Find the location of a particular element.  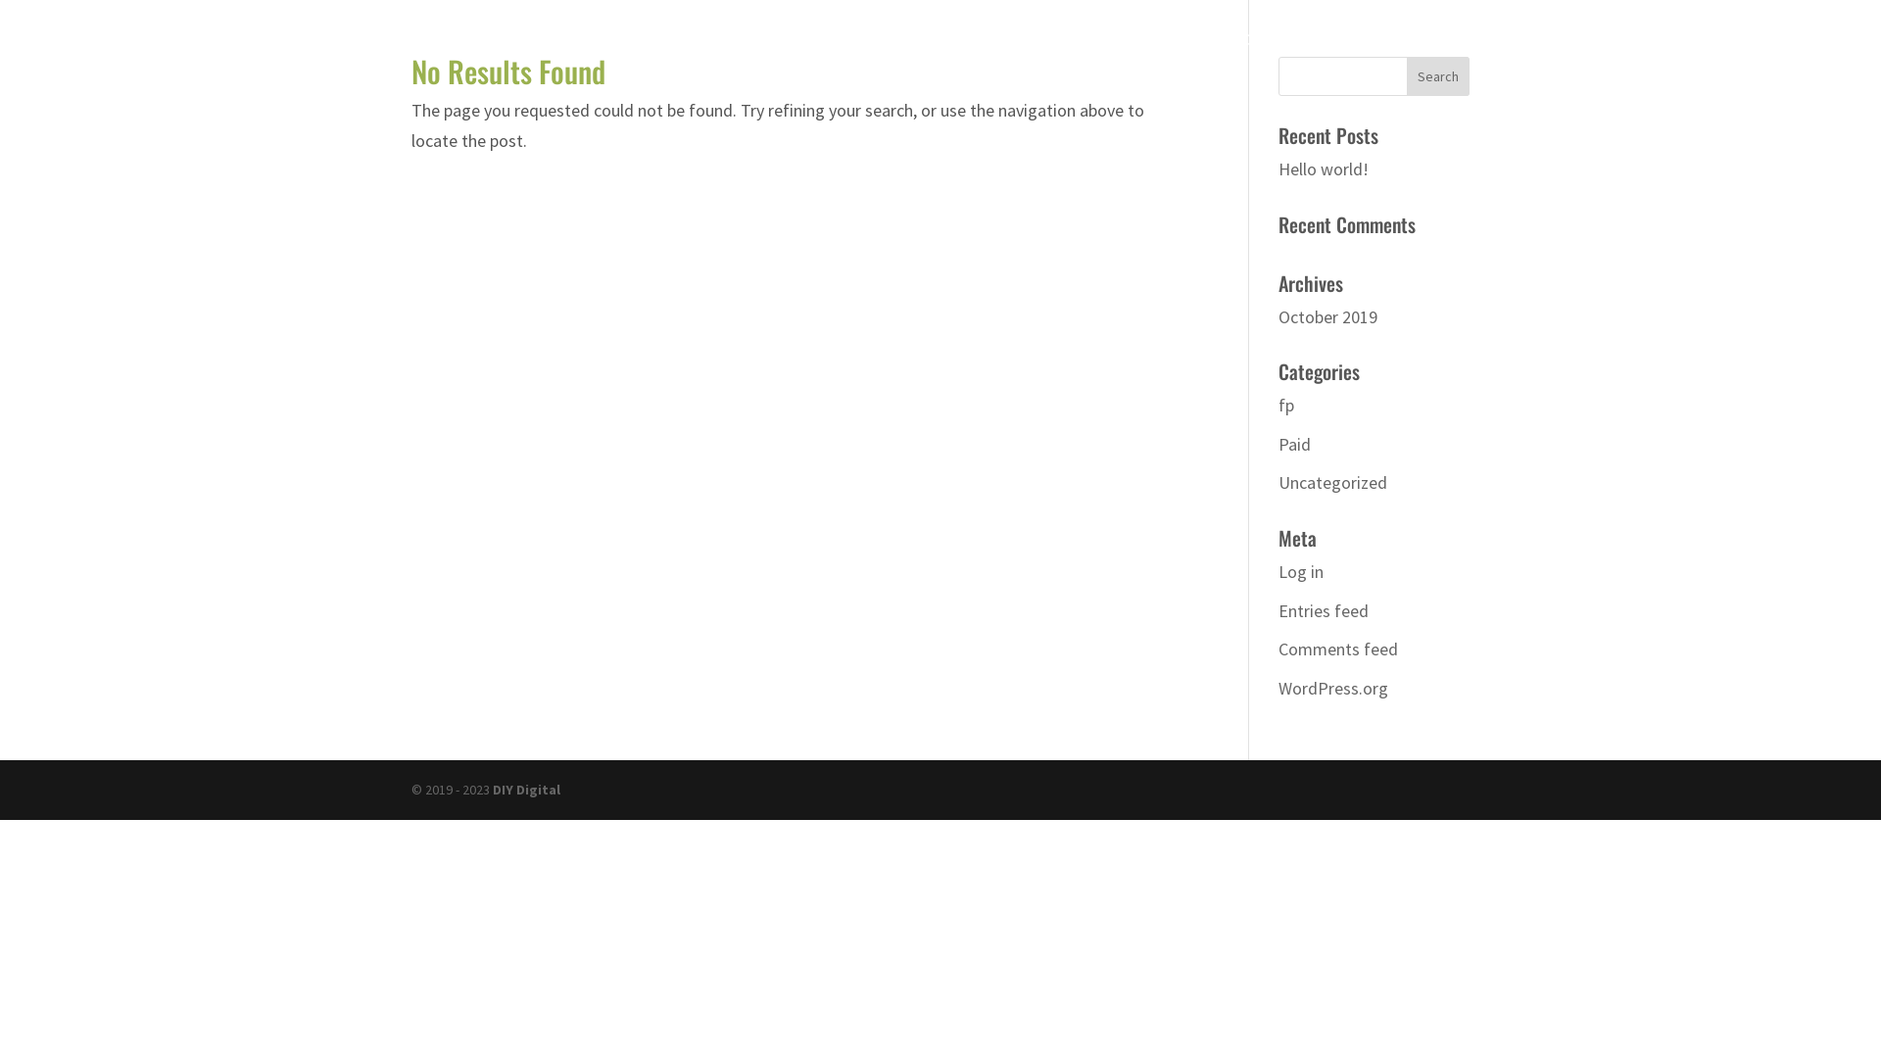

'CONTACT' is located at coordinates (1556, 54).